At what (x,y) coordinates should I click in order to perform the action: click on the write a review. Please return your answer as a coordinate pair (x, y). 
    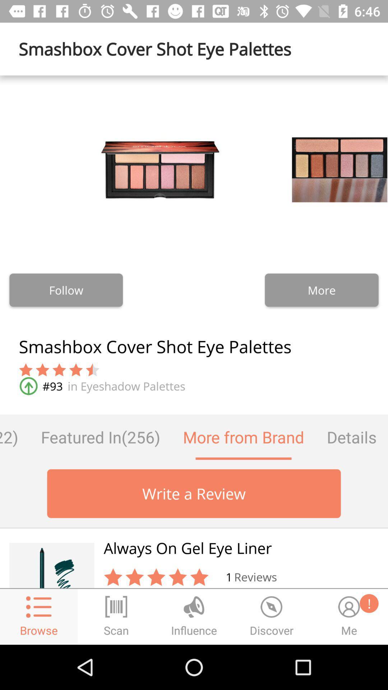
    Looking at the image, I should click on (194, 493).